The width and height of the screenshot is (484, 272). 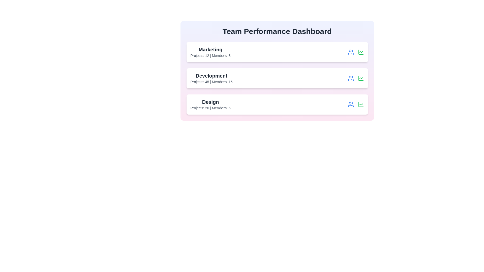 I want to click on the chart icon for Development statistics, so click(x=360, y=78).